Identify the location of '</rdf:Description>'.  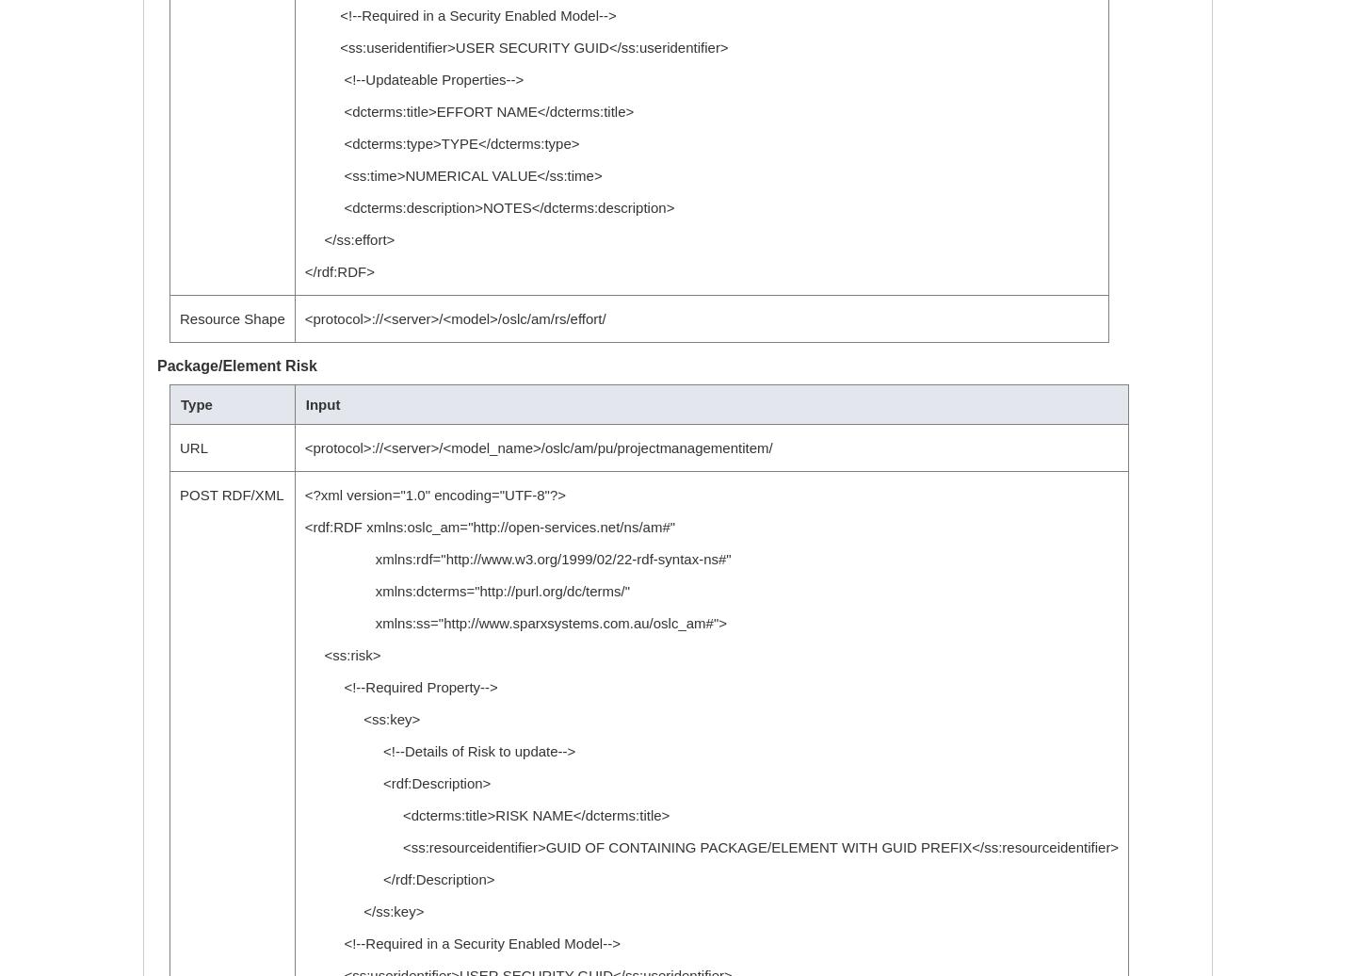
(398, 879).